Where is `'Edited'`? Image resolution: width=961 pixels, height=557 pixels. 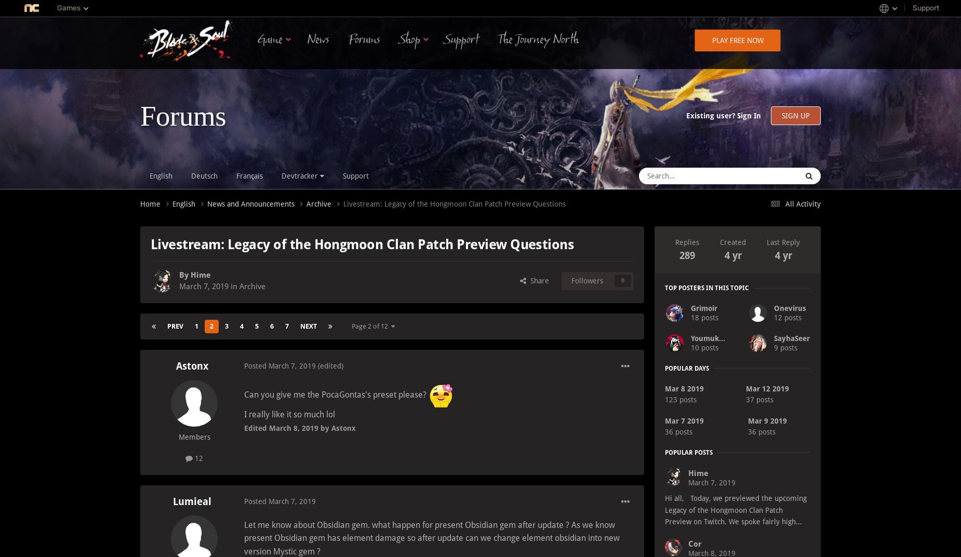 'Edited' is located at coordinates (256, 427).